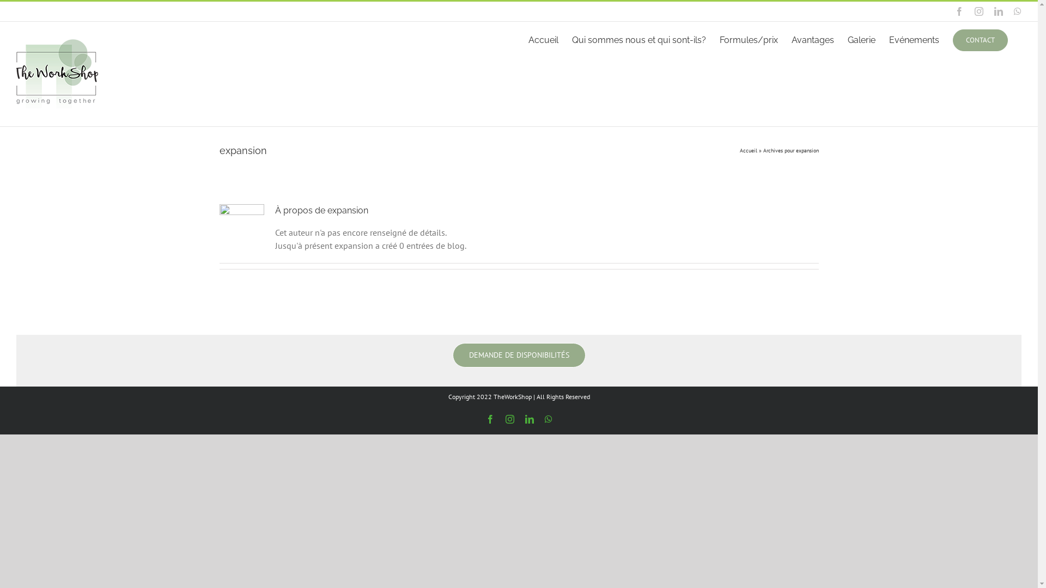 This screenshot has width=1046, height=588. What do you see at coordinates (980, 39) in the screenshot?
I see `'CONTACT'` at bounding box center [980, 39].